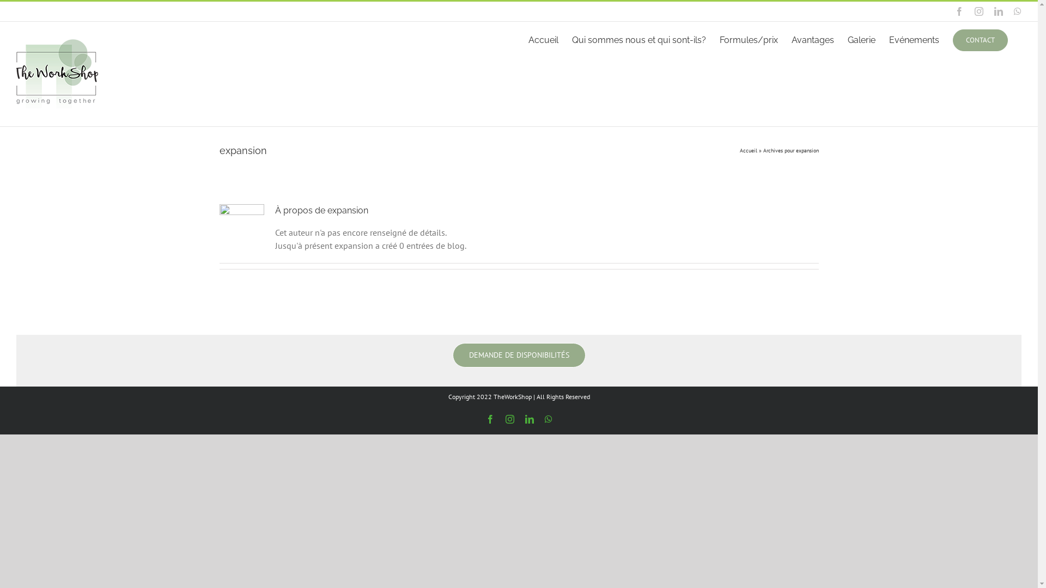 This screenshot has width=1046, height=588. What do you see at coordinates (980, 39) in the screenshot?
I see `'CONTACT'` at bounding box center [980, 39].